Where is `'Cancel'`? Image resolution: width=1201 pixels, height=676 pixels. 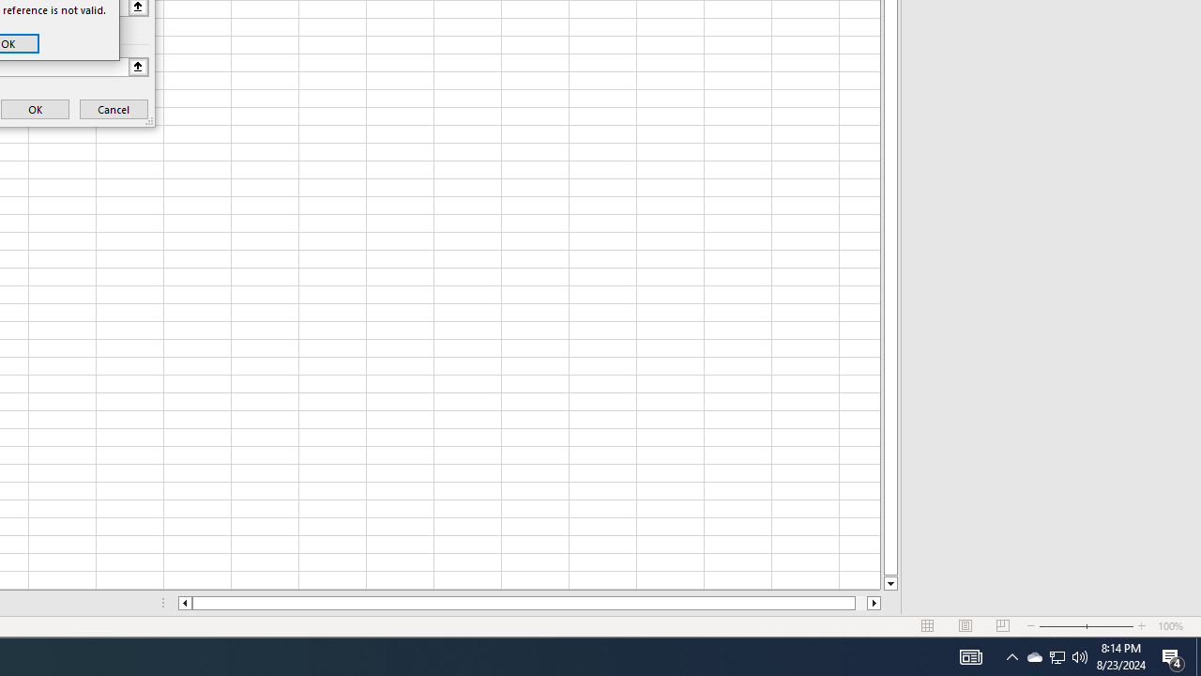
'Cancel' is located at coordinates (113, 109).